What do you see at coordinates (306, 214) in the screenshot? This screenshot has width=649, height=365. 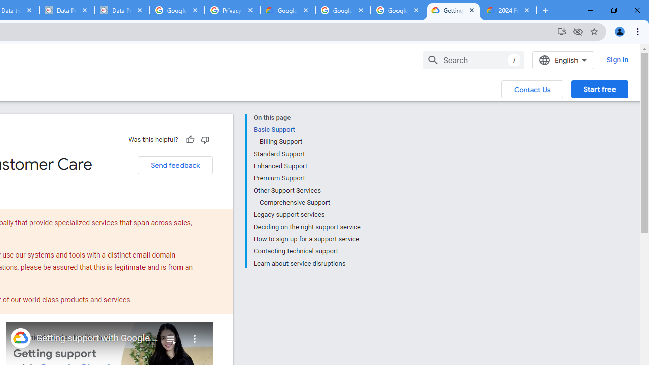 I see `'Legacy support services'` at bounding box center [306, 214].